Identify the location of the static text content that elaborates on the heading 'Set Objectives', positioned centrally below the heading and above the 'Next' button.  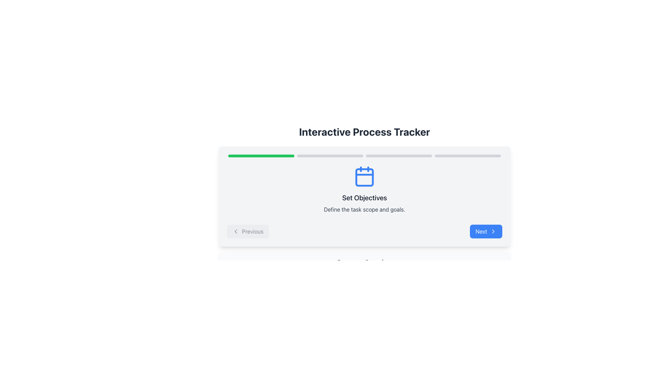
(364, 209).